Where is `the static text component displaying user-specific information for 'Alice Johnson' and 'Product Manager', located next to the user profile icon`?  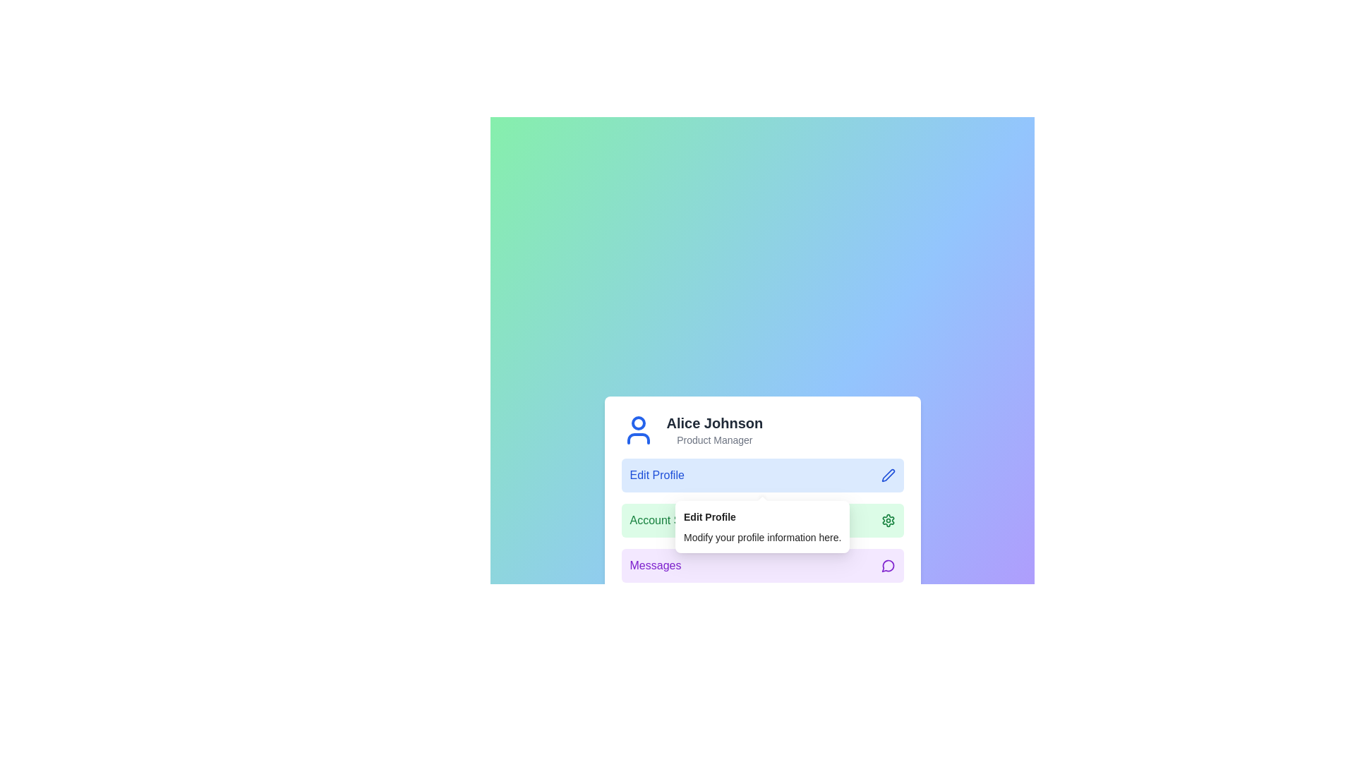 the static text component displaying user-specific information for 'Alice Johnson' and 'Product Manager', located next to the user profile icon is located at coordinates (714, 429).